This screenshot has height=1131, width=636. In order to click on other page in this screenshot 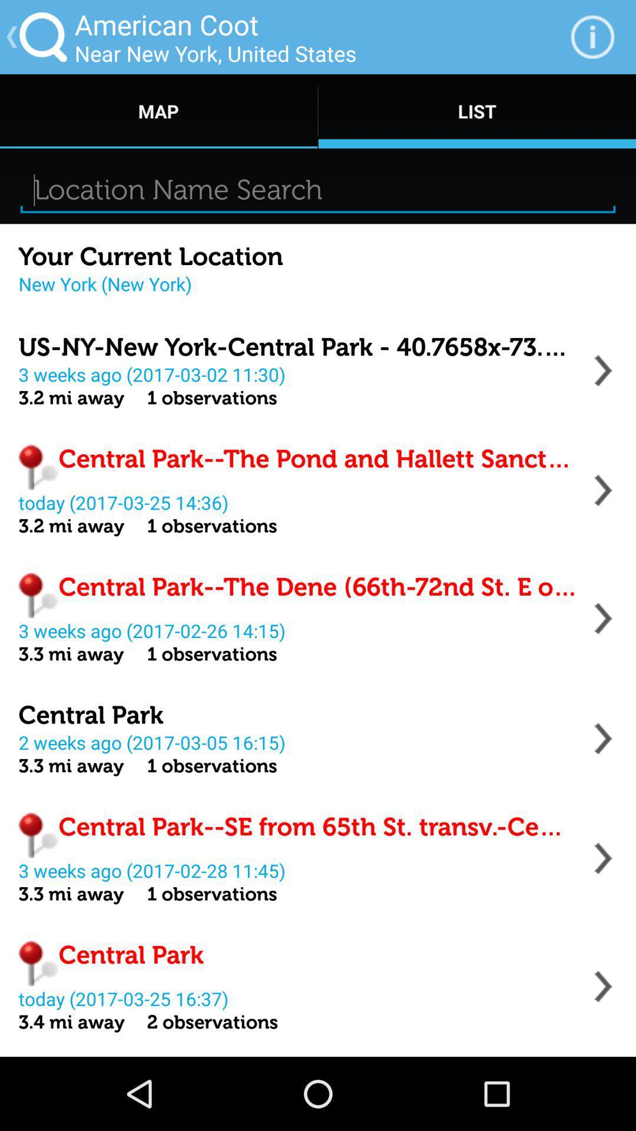, I will do `click(603, 370)`.